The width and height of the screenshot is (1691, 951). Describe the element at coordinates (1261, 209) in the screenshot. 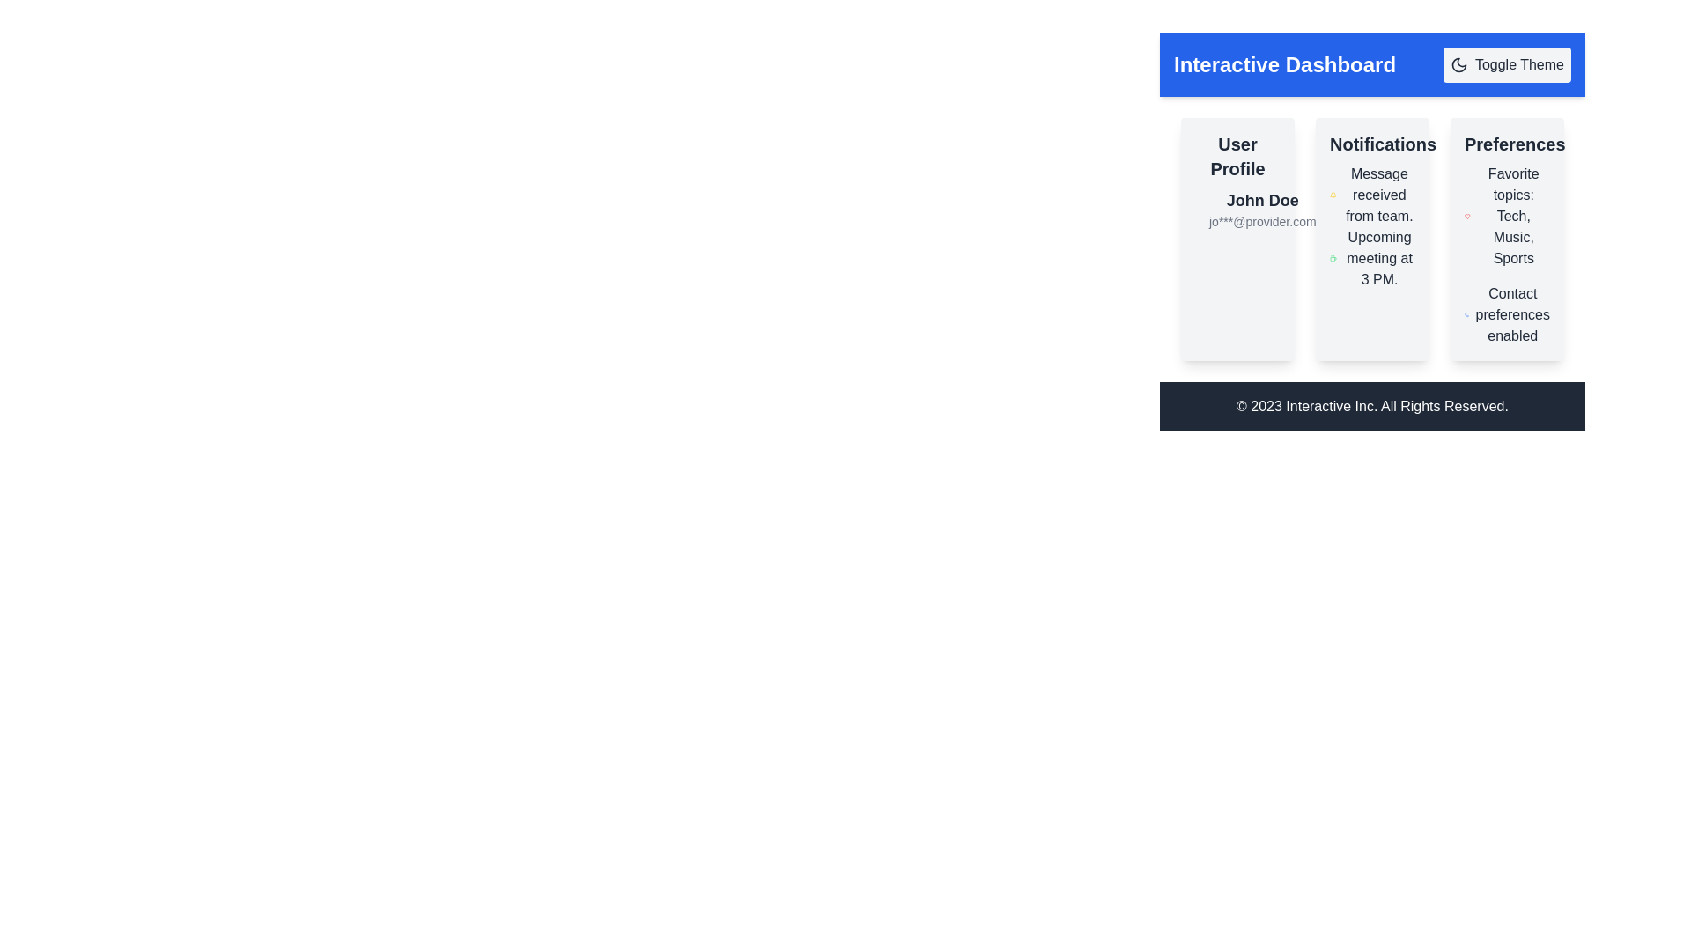

I see `information displayed in the Text Display element located in the User Profile section, which shows the user's name and partially obfuscated email address` at that location.